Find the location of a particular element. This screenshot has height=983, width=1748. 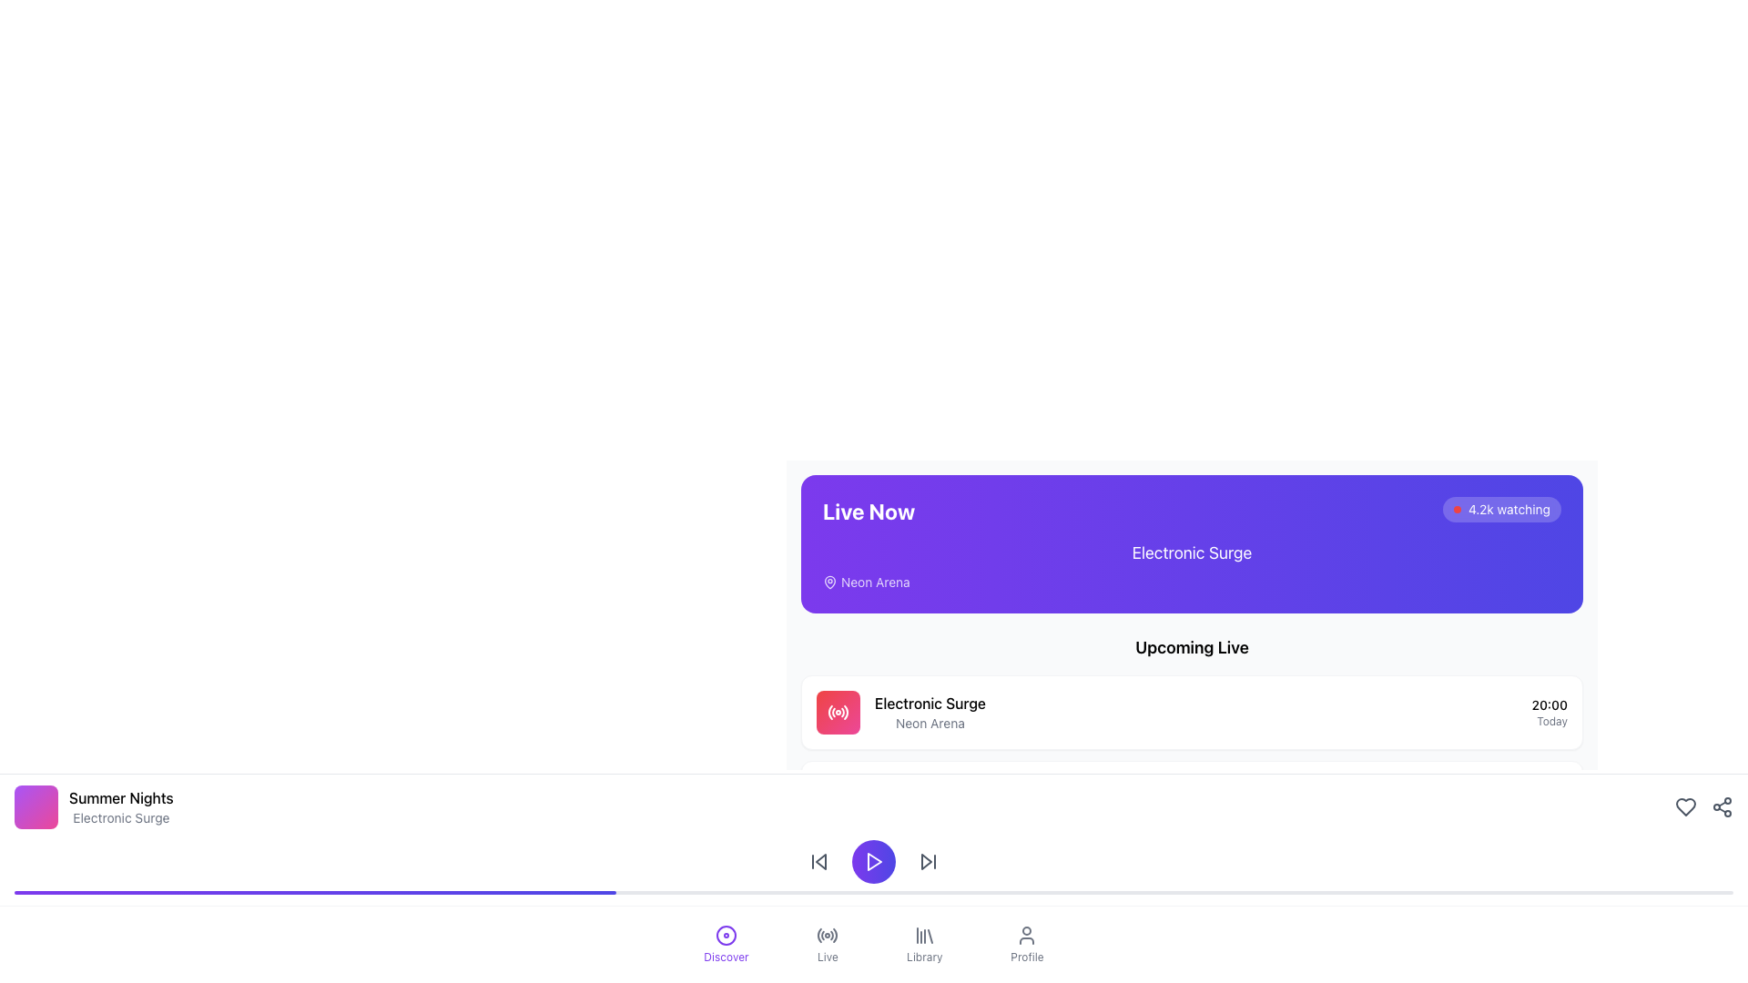

the 'Discover' text label in the navigation bar is located at coordinates (725, 957).